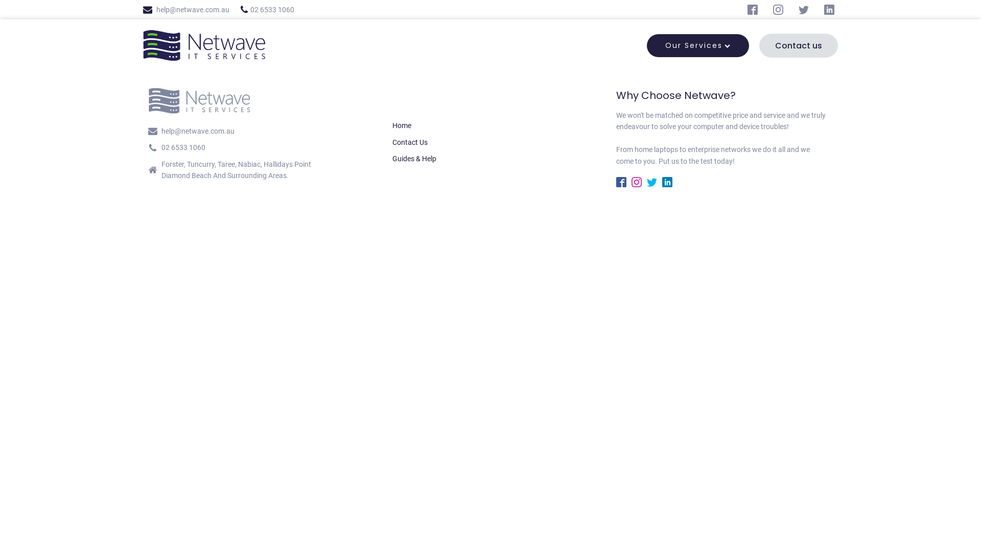 This screenshot has height=551, width=981. What do you see at coordinates (239, 10) in the screenshot?
I see `'02 6533 1060'` at bounding box center [239, 10].